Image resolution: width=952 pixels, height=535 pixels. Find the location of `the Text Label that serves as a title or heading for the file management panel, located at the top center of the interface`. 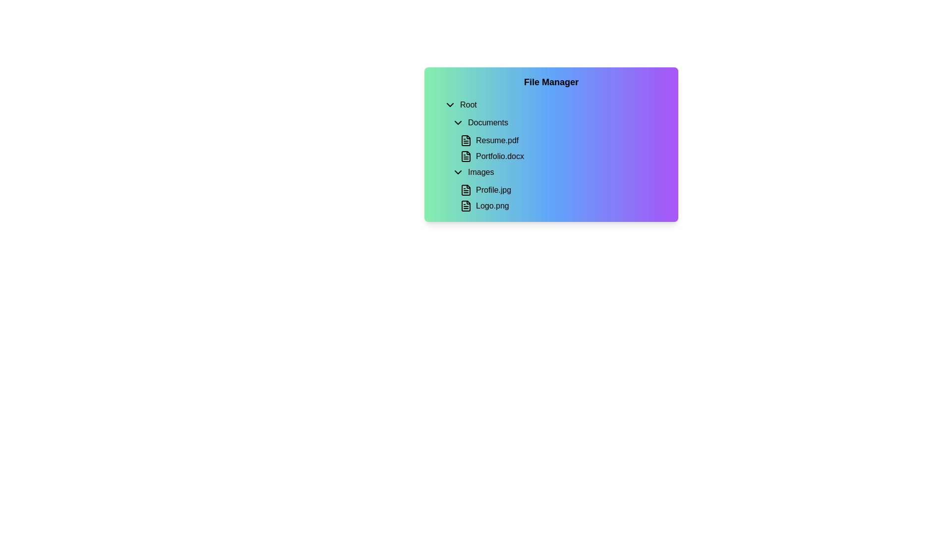

the Text Label that serves as a title or heading for the file management panel, located at the top center of the interface is located at coordinates (551, 81).